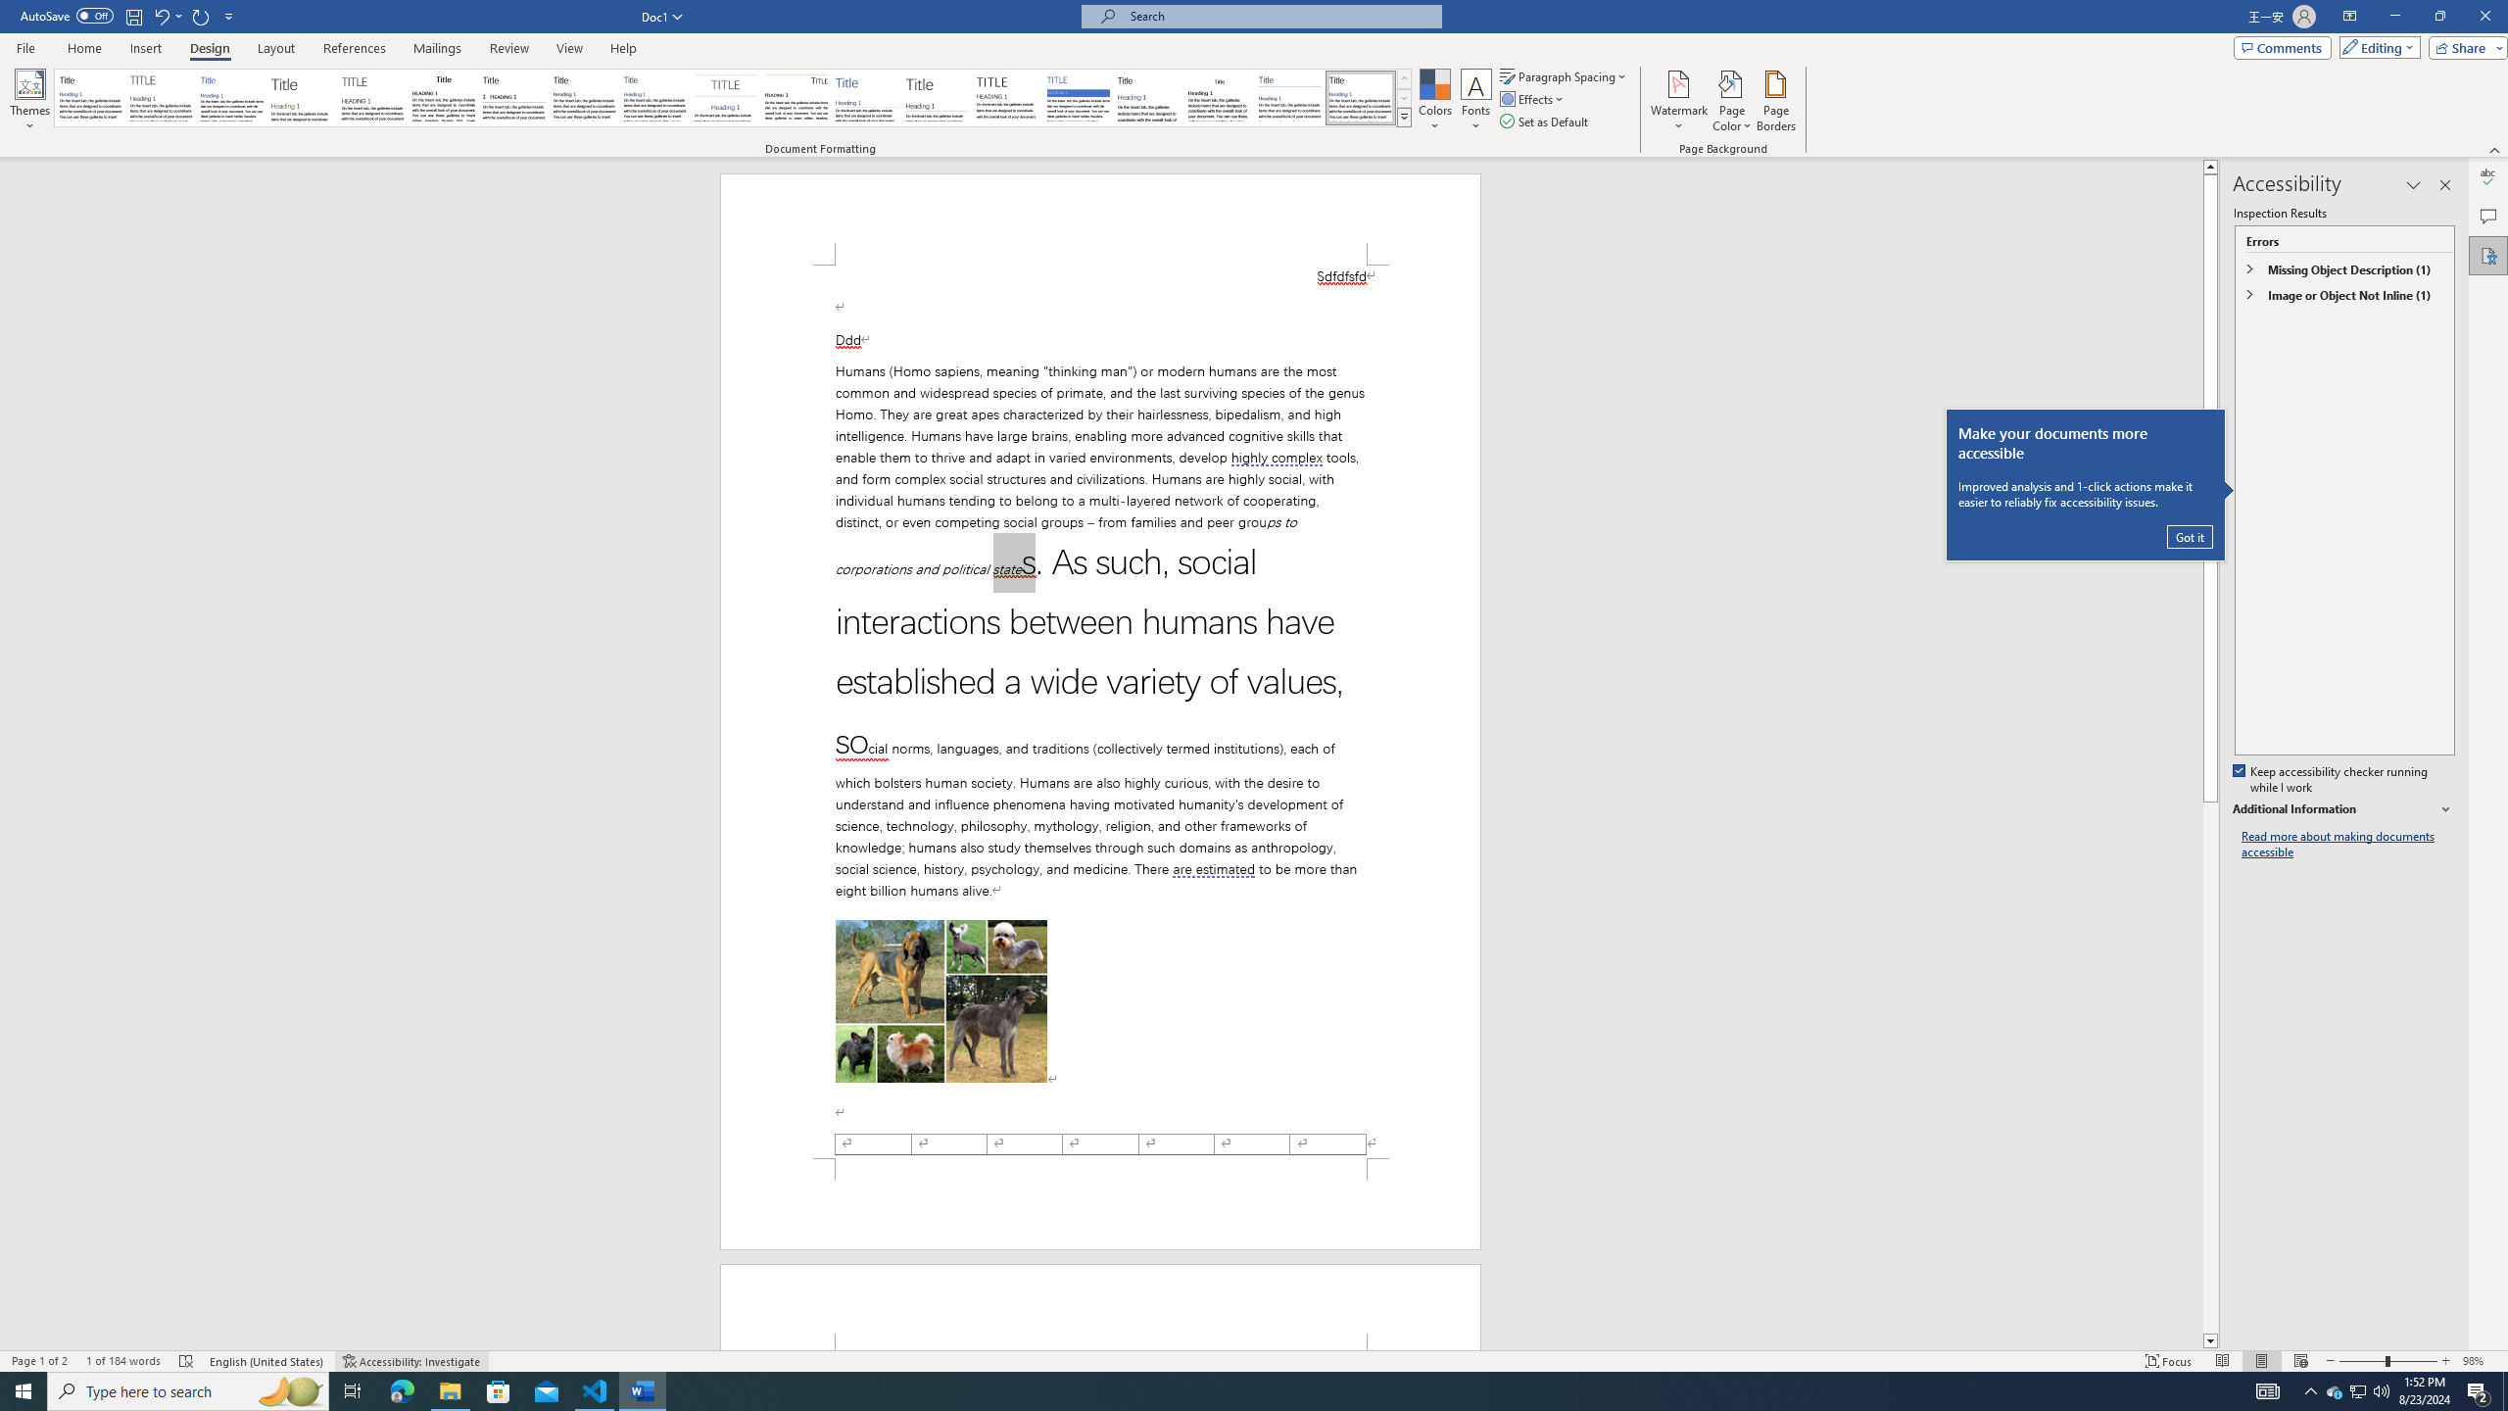  Describe the element at coordinates (411, 1361) in the screenshot. I see `'Accessibility Checker Accessibility: Investigate'` at that location.